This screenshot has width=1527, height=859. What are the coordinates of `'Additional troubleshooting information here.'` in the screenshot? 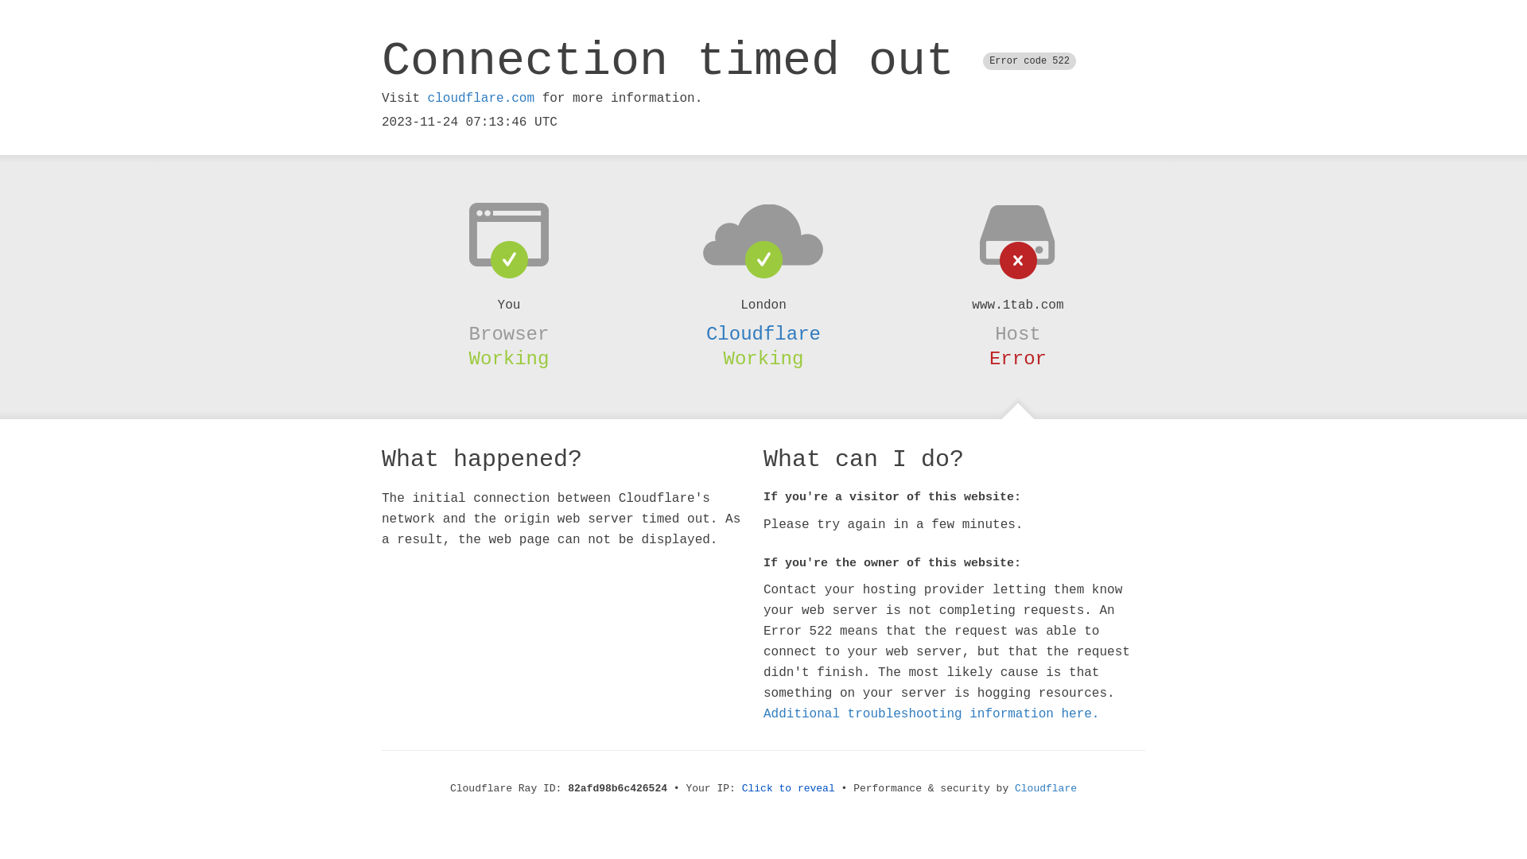 It's located at (763, 713).